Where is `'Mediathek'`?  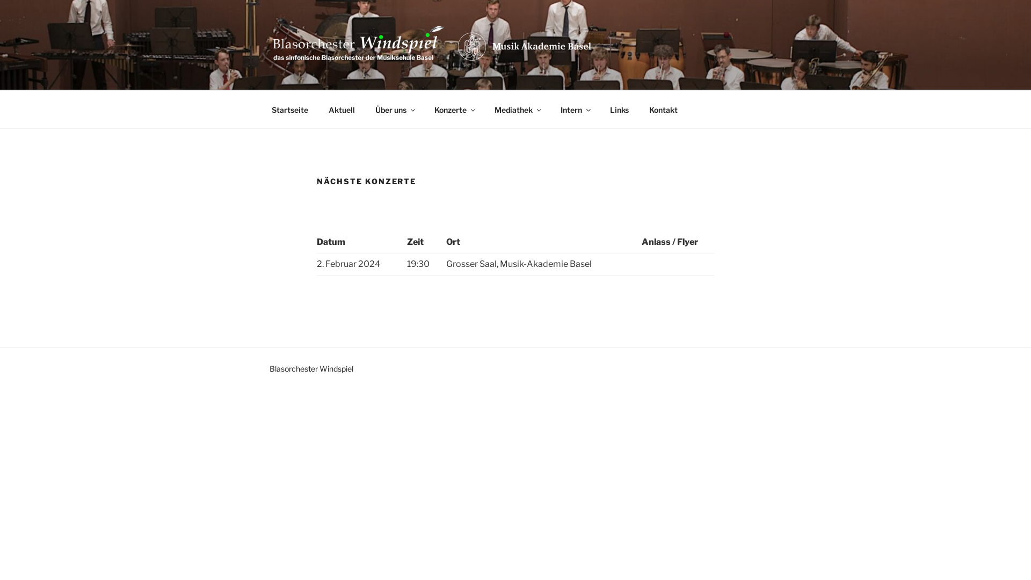
'Mediathek' is located at coordinates (517, 110).